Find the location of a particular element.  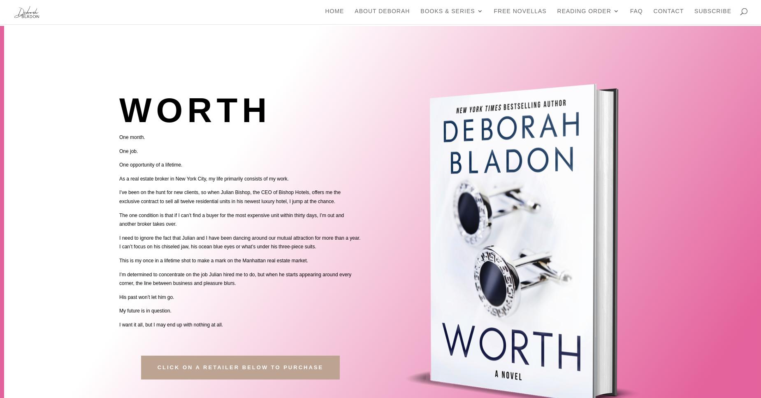

'The Hawthornes of New York' is located at coordinates (565, 133).